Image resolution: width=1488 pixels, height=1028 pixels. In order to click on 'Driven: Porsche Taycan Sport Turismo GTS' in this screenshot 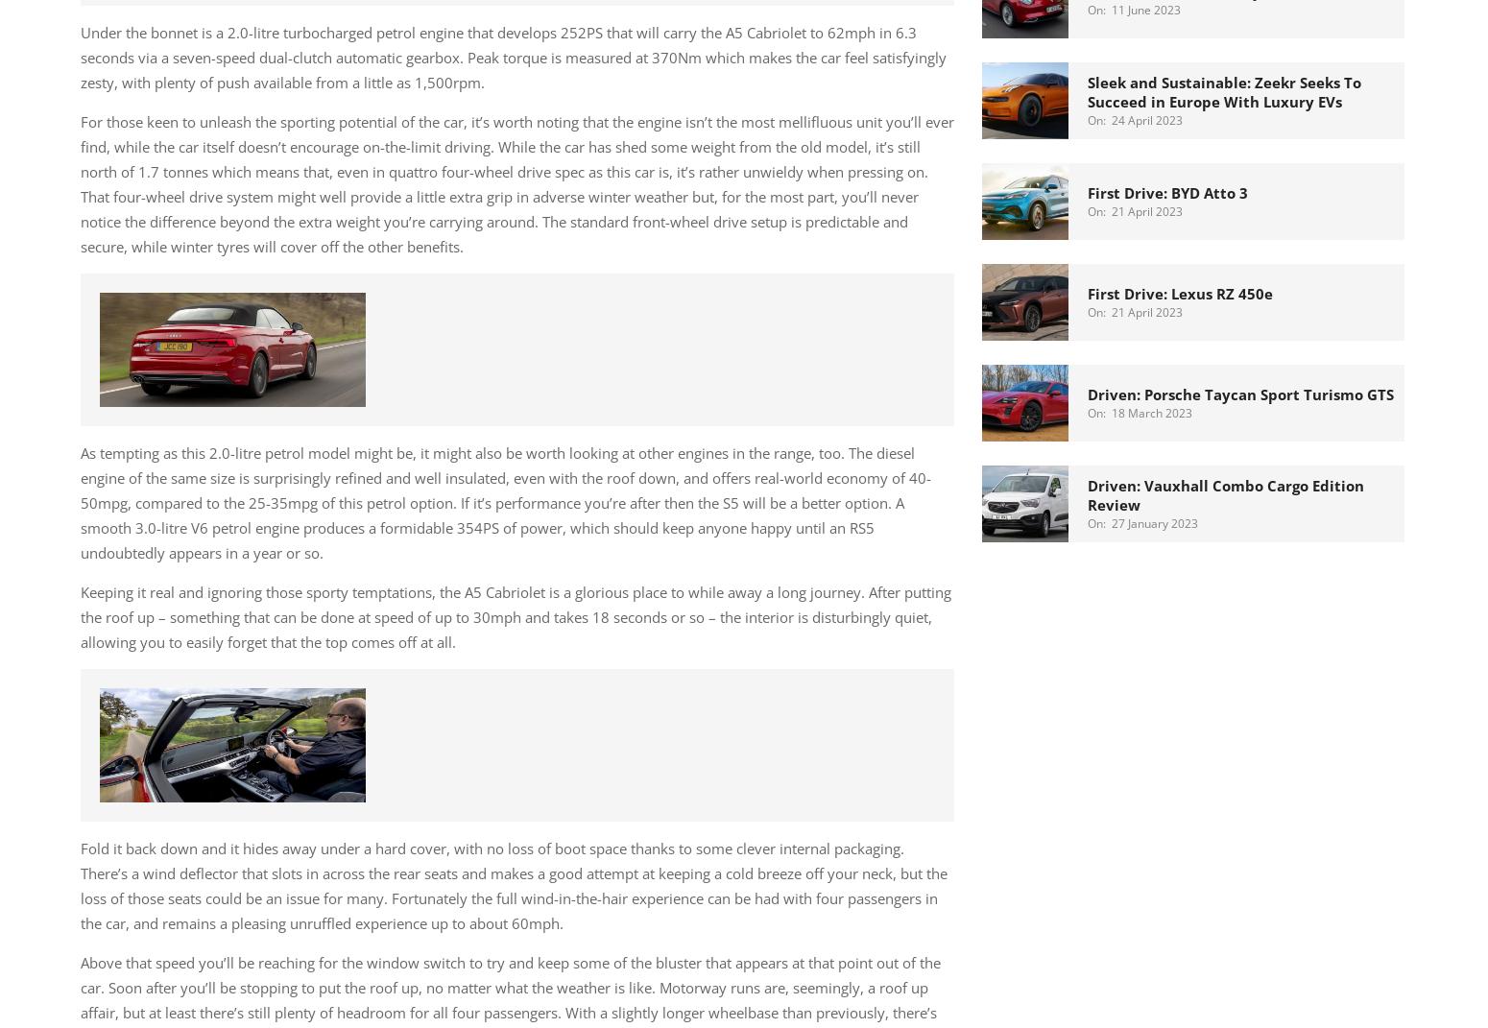, I will do `click(1087, 393)`.